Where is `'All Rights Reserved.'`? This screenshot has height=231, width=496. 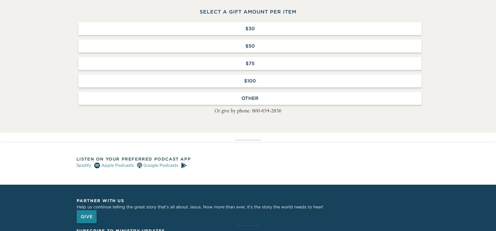
'All Rights Reserved.' is located at coordinates (185, 121).